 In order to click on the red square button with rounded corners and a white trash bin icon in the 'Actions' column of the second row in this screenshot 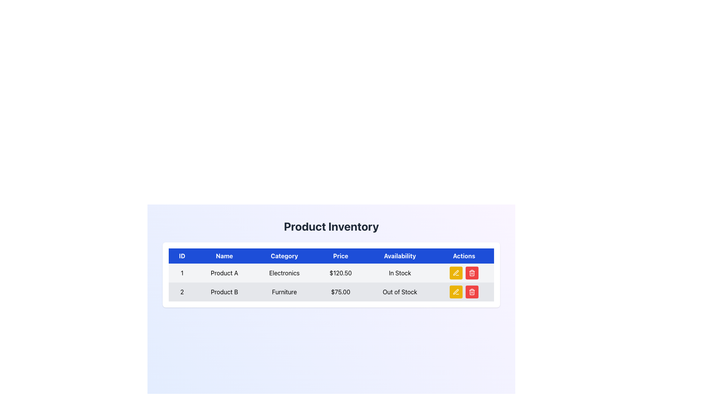, I will do `click(471, 273)`.